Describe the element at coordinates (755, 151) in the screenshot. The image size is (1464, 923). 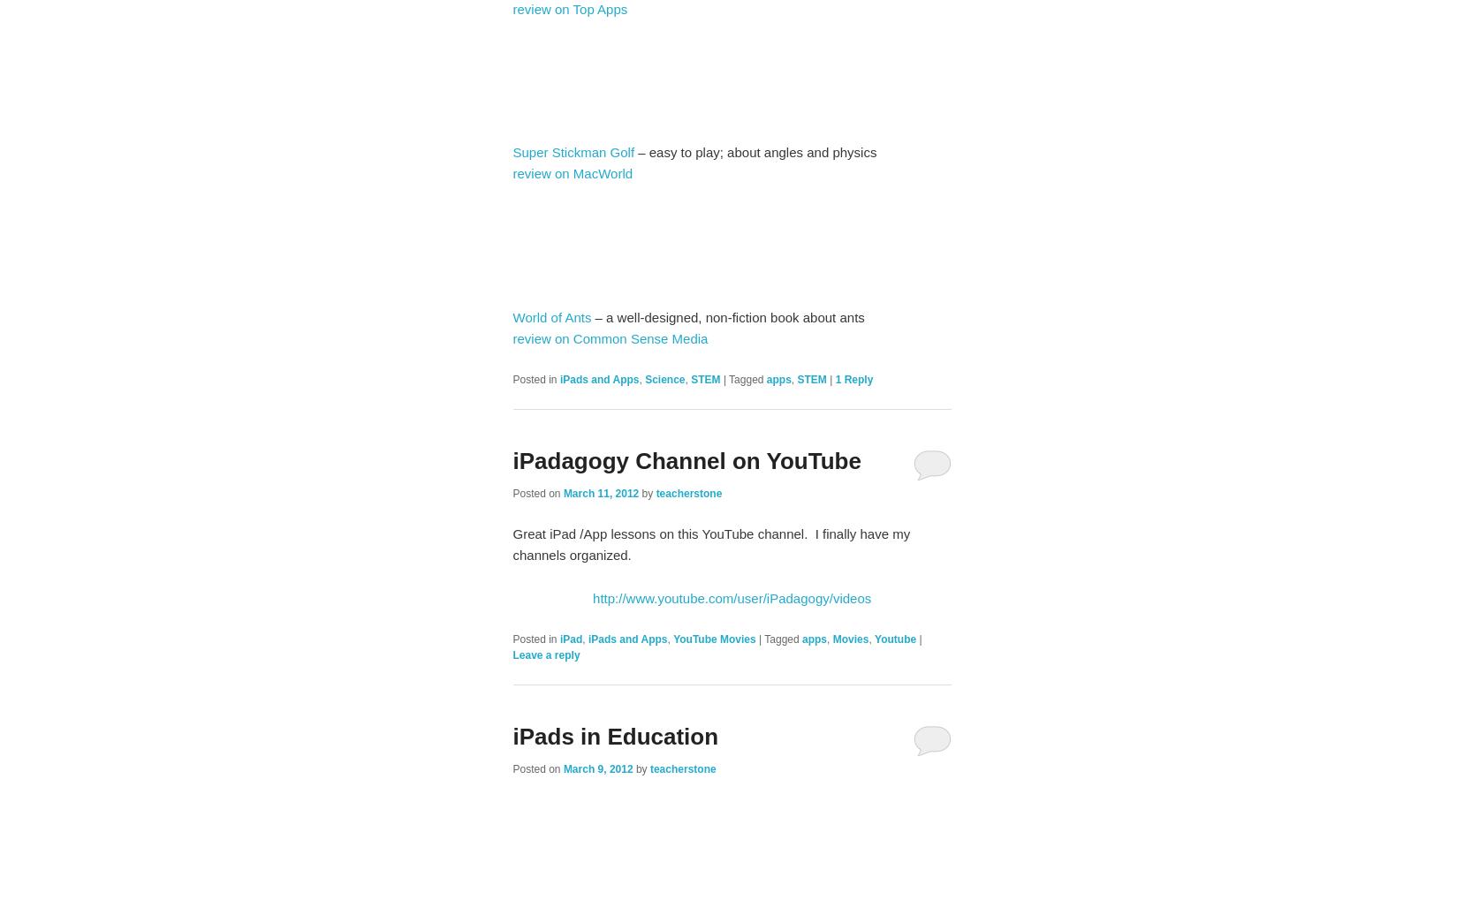
I see `'– easy to play; about angles and physics'` at that location.